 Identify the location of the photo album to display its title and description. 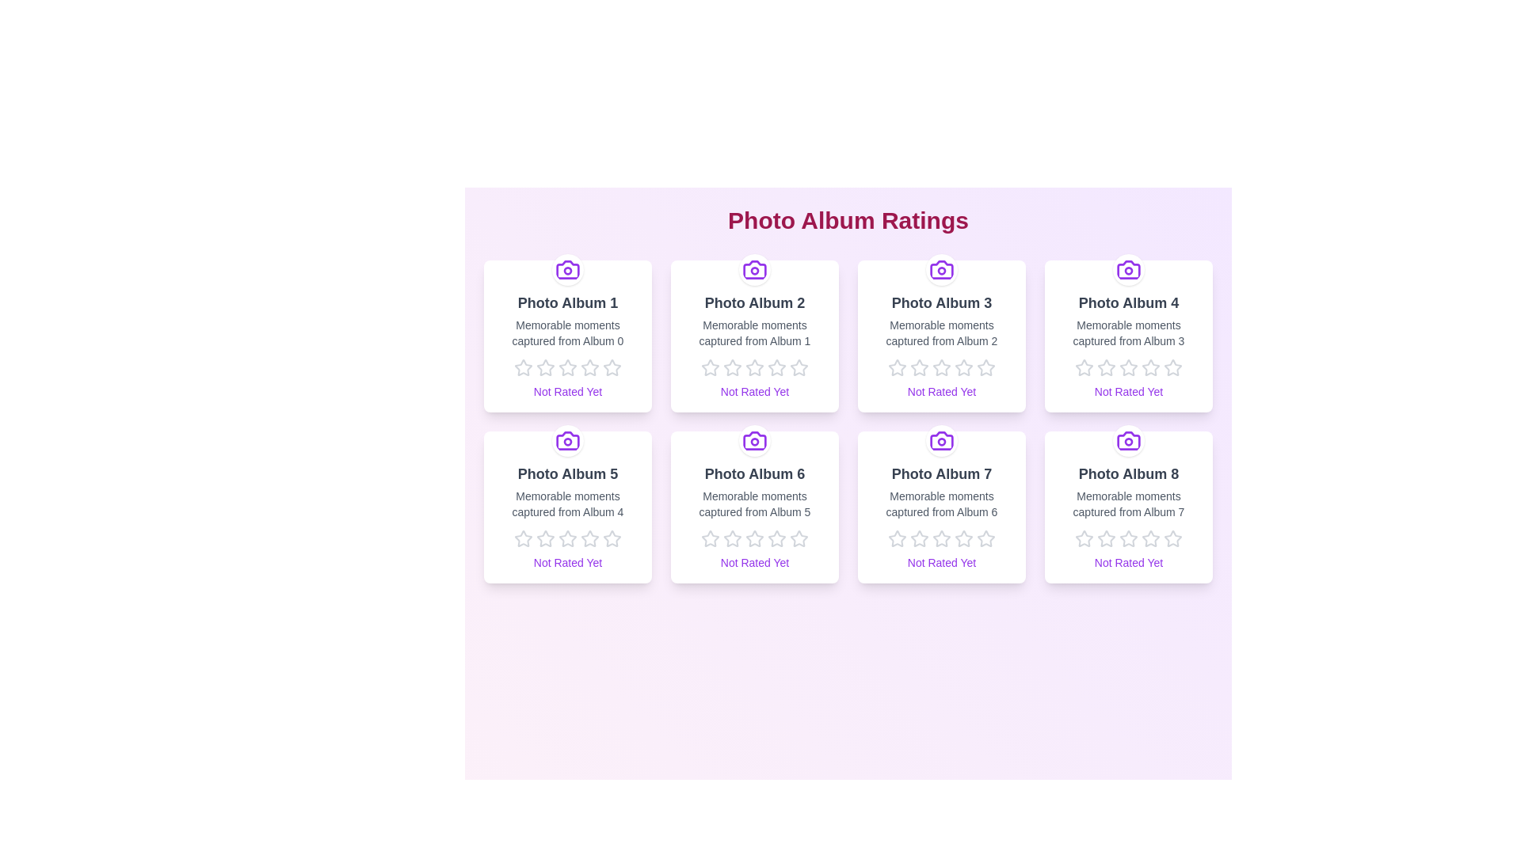
(567, 335).